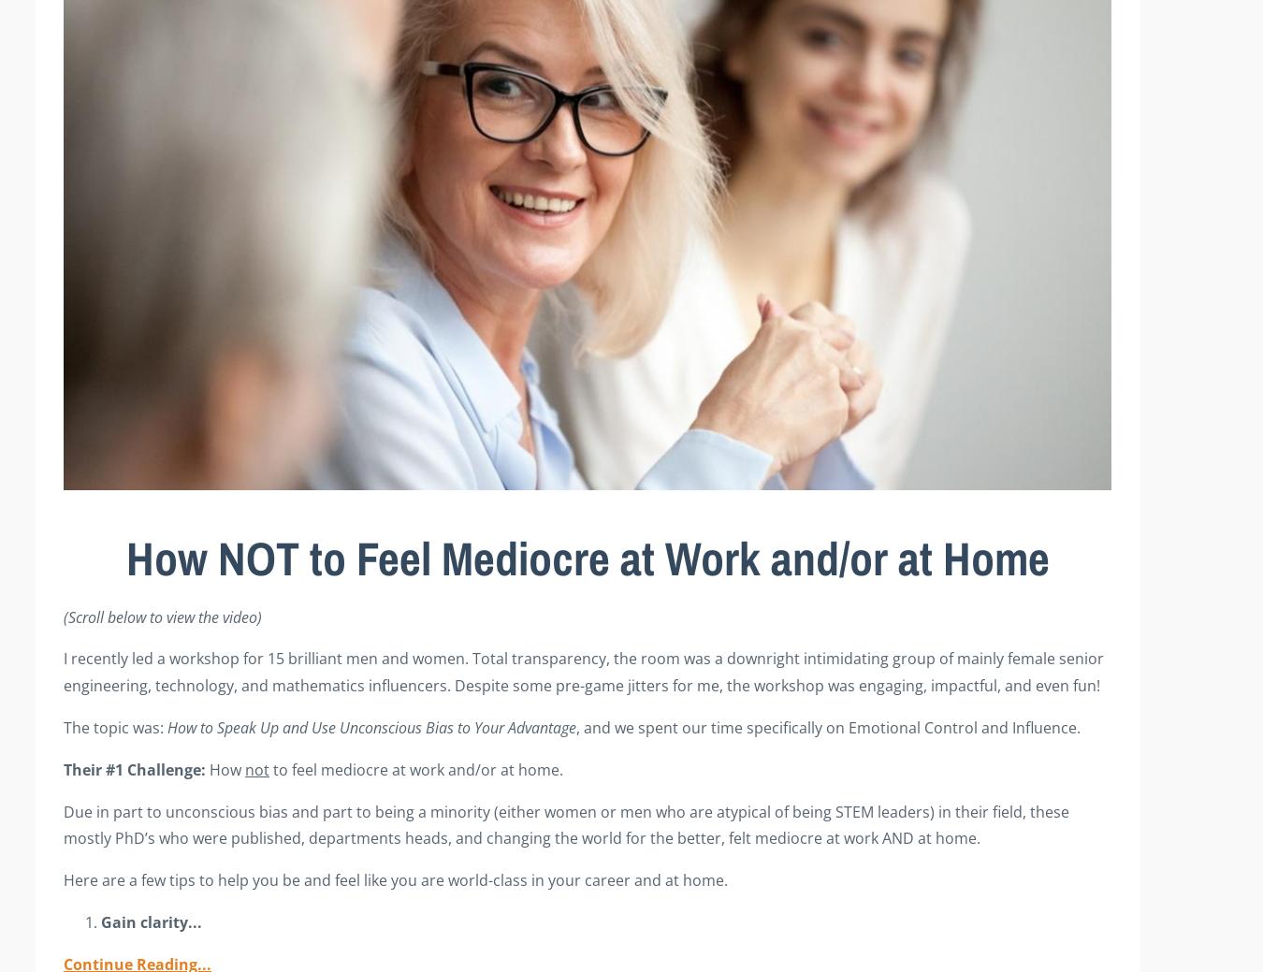 The image size is (1263, 972). Describe the element at coordinates (195, 921) in the screenshot. I see `'...'` at that location.